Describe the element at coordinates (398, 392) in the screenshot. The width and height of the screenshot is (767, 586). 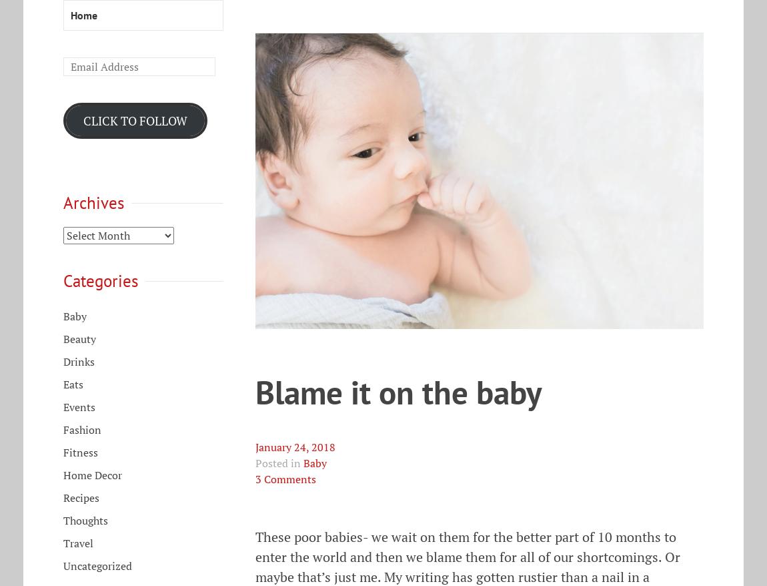
I see `'Blame it on the baby'` at that location.